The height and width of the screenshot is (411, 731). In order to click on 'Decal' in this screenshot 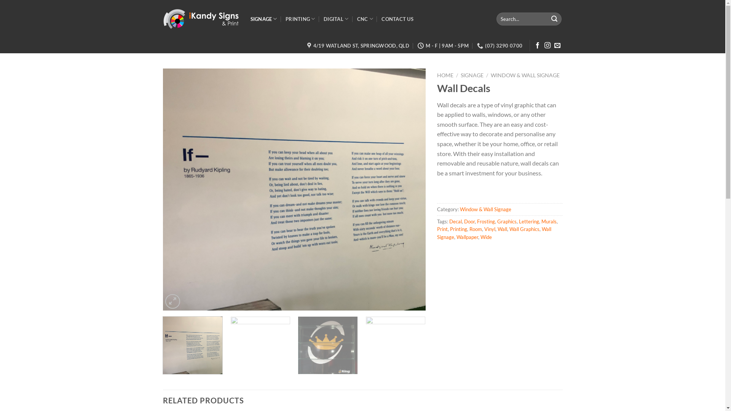, I will do `click(449, 221)`.